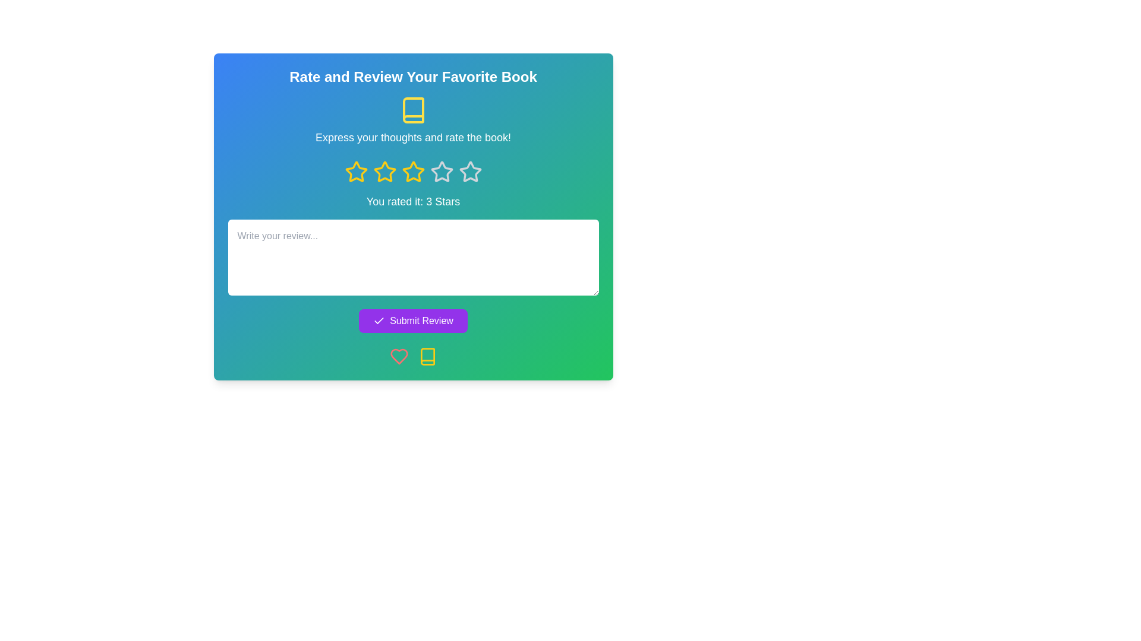  Describe the element at coordinates (413, 77) in the screenshot. I see `the static text heading 'Rate and Review Your Favorite Book' located at the top center of the dialog box` at that location.